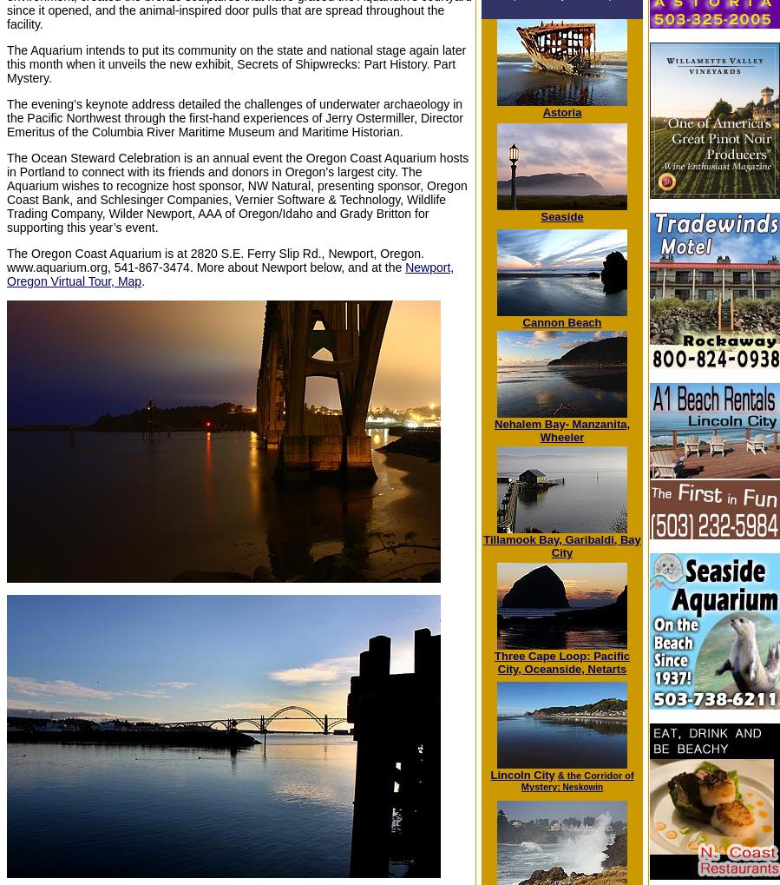 The image size is (780, 885). Describe the element at coordinates (141, 281) in the screenshot. I see `'.'` at that location.